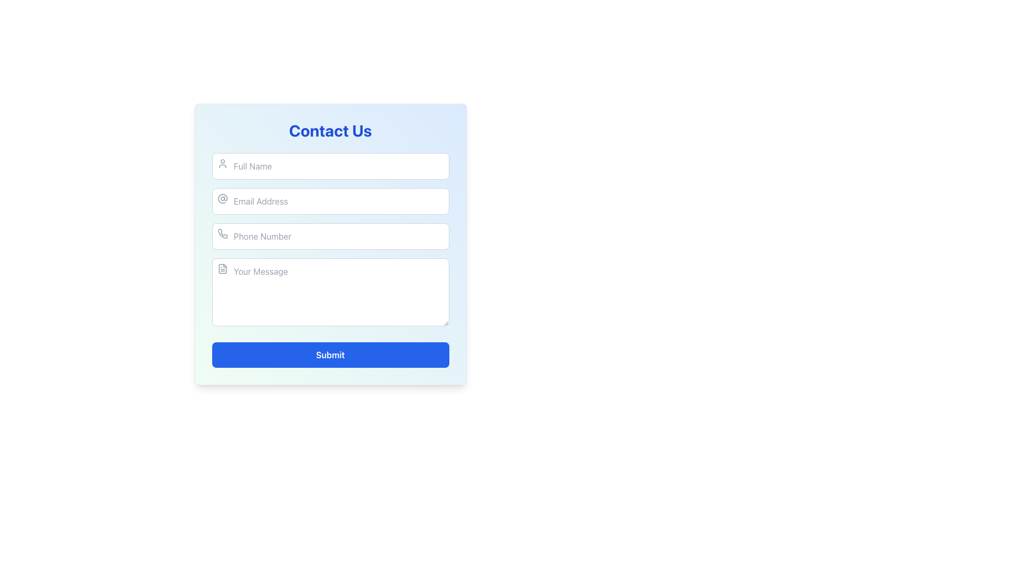 The image size is (1021, 574). What do you see at coordinates (330, 354) in the screenshot?
I see `the submission button for the 'Contact Us' form` at bounding box center [330, 354].